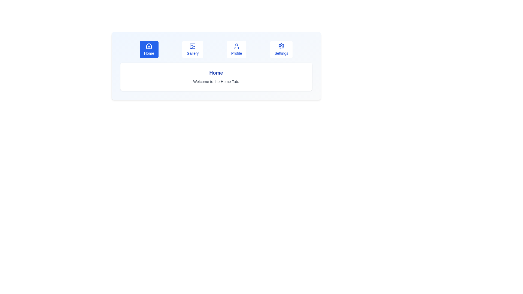  What do you see at coordinates (149, 49) in the screenshot?
I see `the tab labeled Home to switch to that tab` at bounding box center [149, 49].